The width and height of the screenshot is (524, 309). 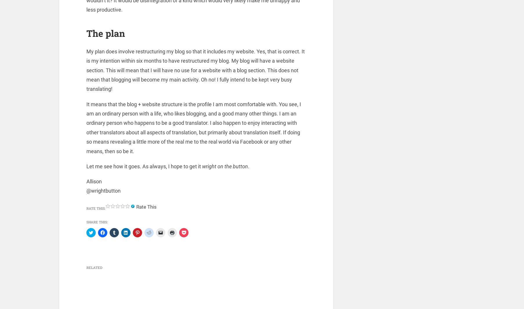 What do you see at coordinates (144, 167) in the screenshot?
I see `'Let me see how it goes. As always, I hope to get it'` at bounding box center [144, 167].